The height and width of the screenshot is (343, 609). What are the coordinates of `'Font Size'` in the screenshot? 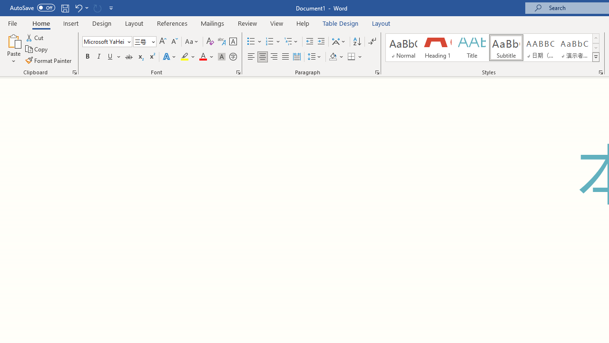 It's located at (141, 41).